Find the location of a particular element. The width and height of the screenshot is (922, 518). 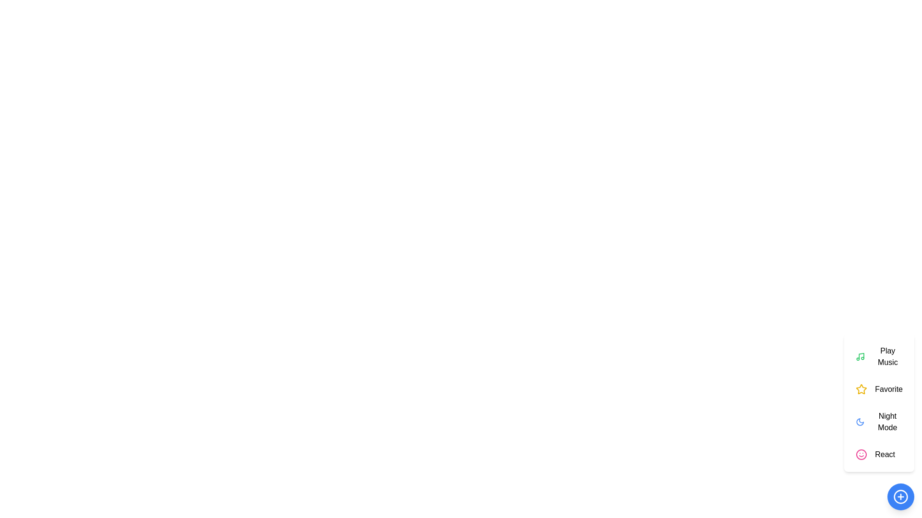

the 'Favorite' button to select the action is located at coordinates (879, 389).